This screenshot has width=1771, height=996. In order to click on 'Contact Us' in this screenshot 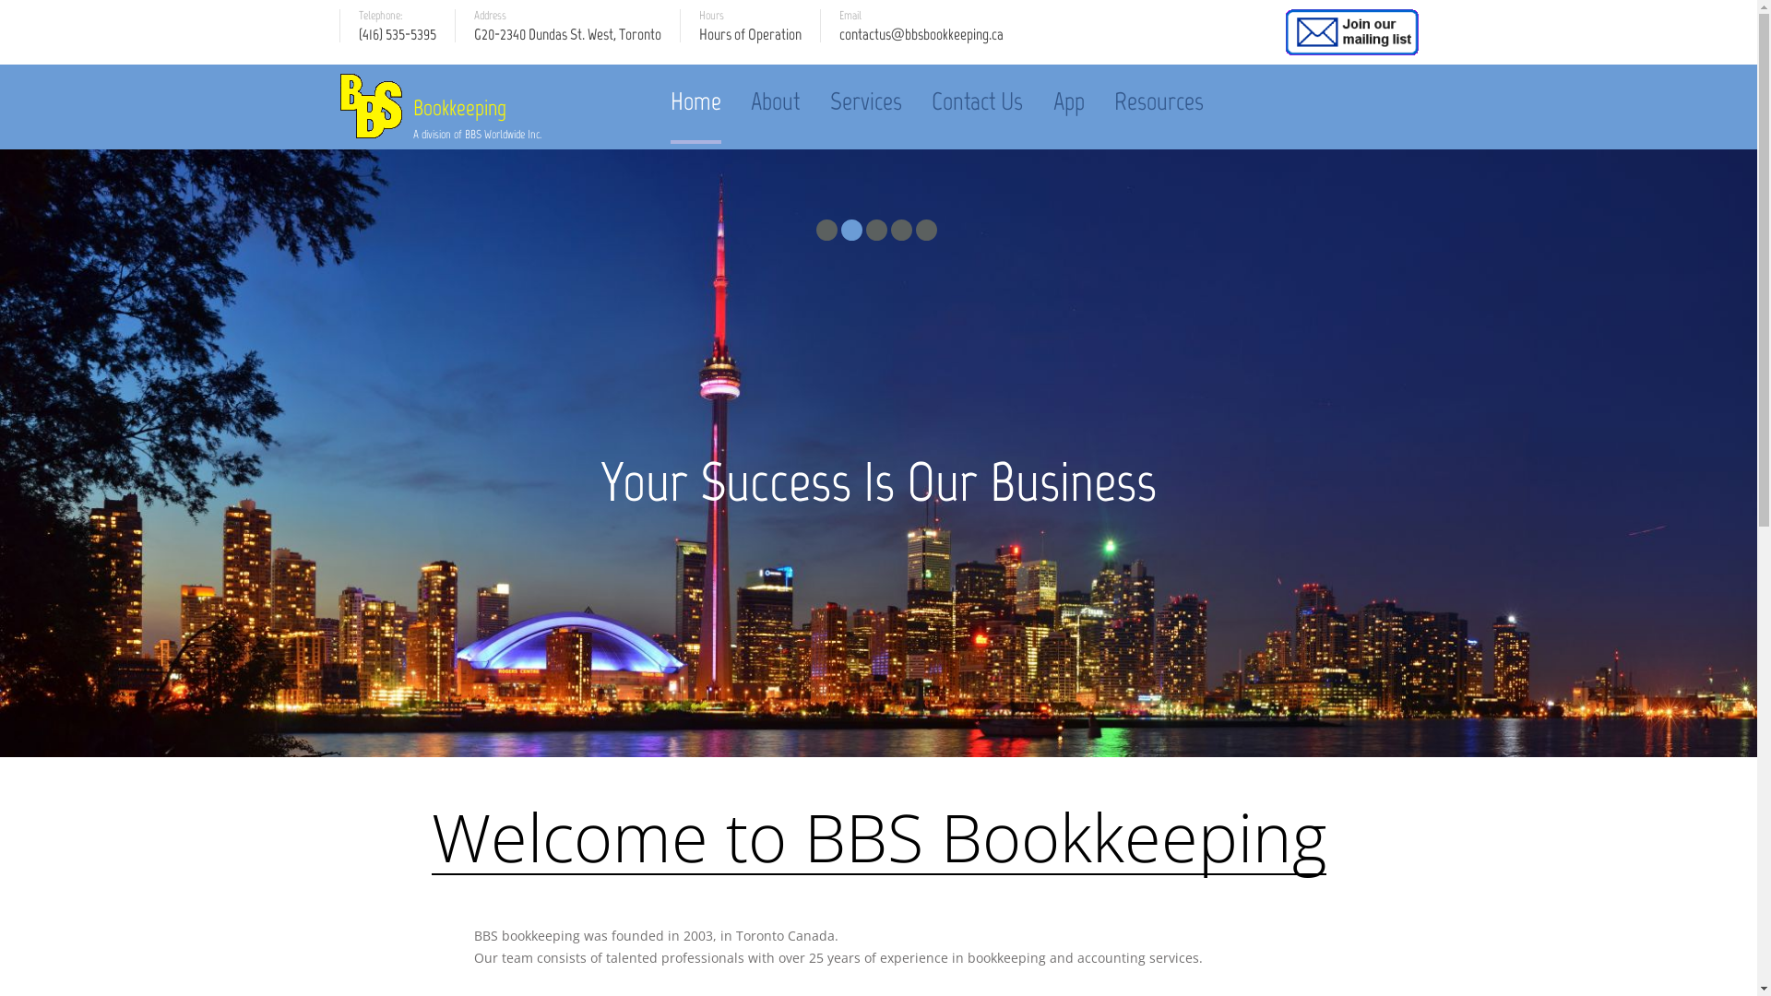, I will do `click(976, 101)`.